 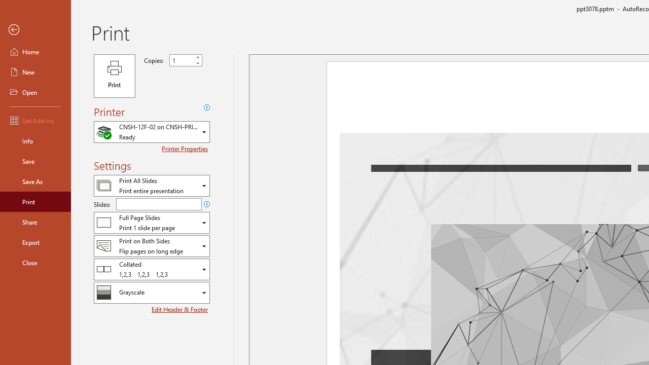 I want to click on 'Save As', so click(x=35, y=180).